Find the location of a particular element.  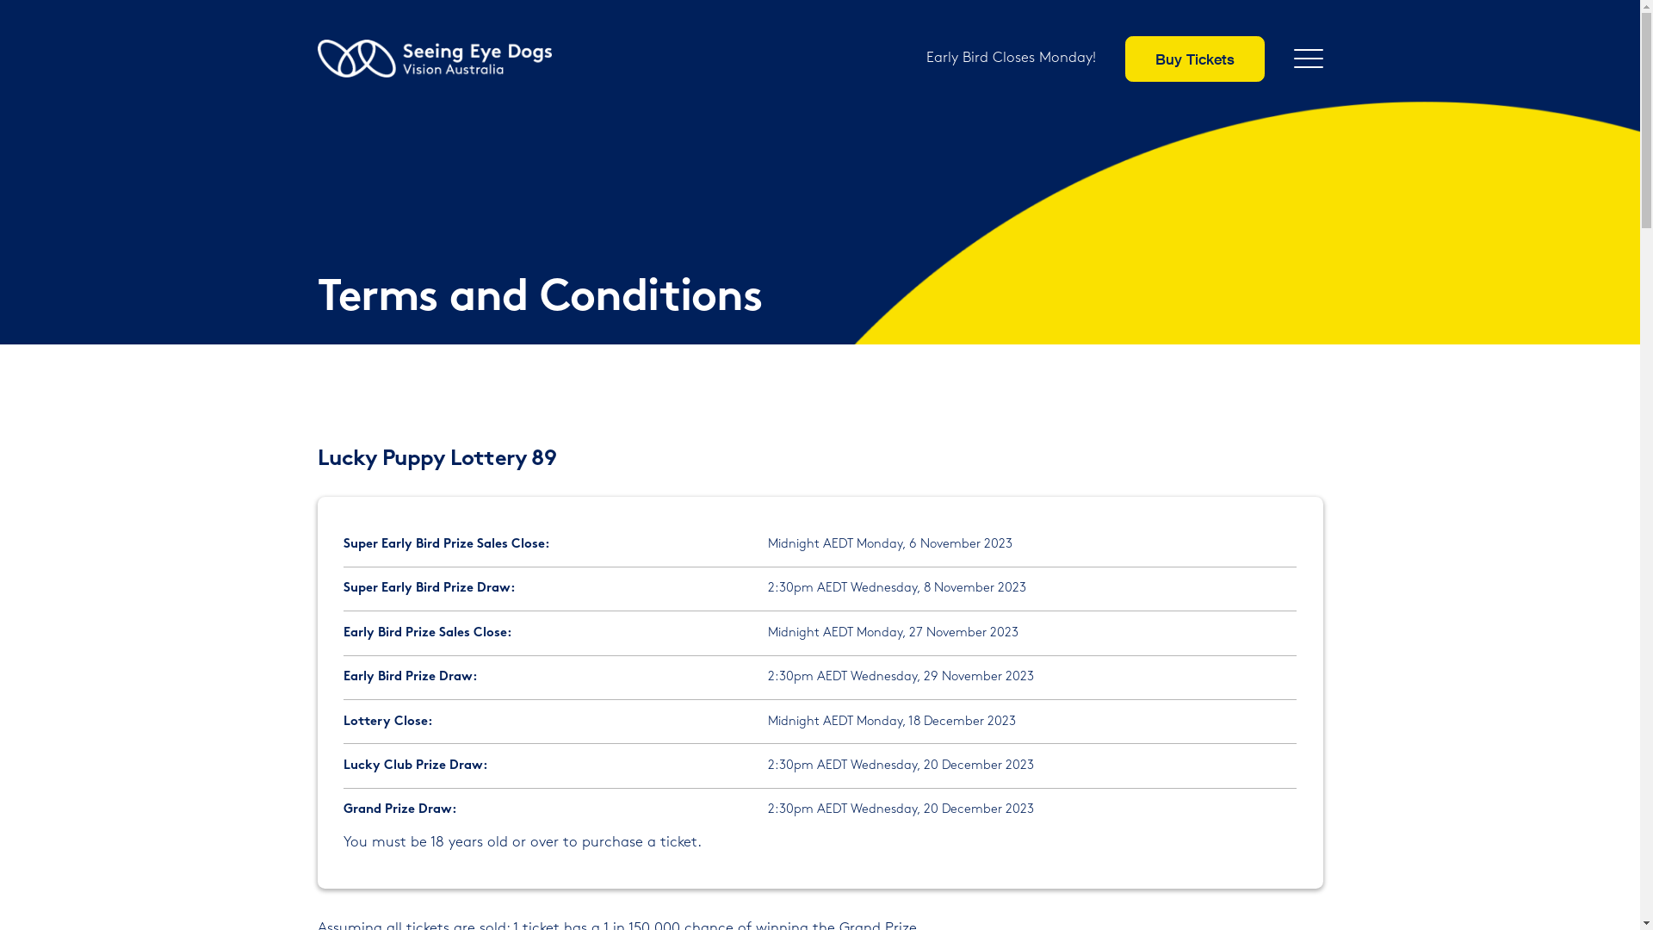

'Buy Tickets' is located at coordinates (1193, 58).